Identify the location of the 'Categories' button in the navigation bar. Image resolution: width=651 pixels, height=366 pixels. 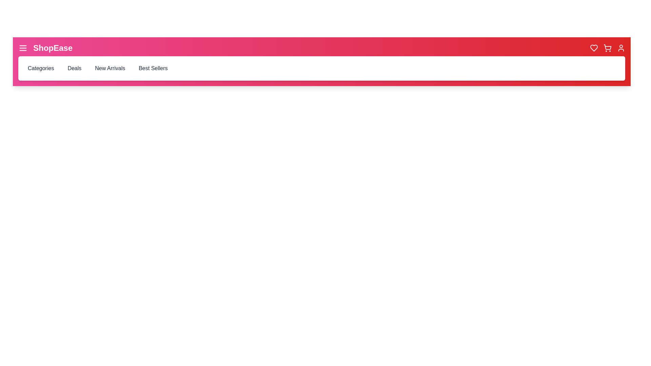
(40, 68).